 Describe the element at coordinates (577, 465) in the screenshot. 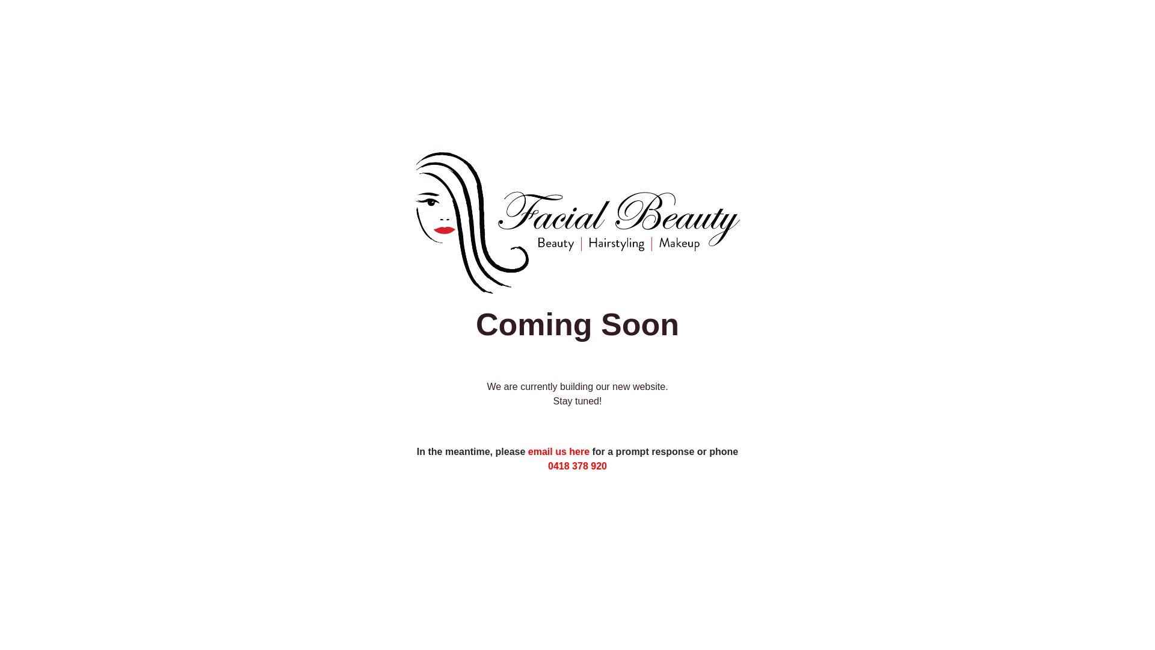

I see `'0418 378 920'` at that location.